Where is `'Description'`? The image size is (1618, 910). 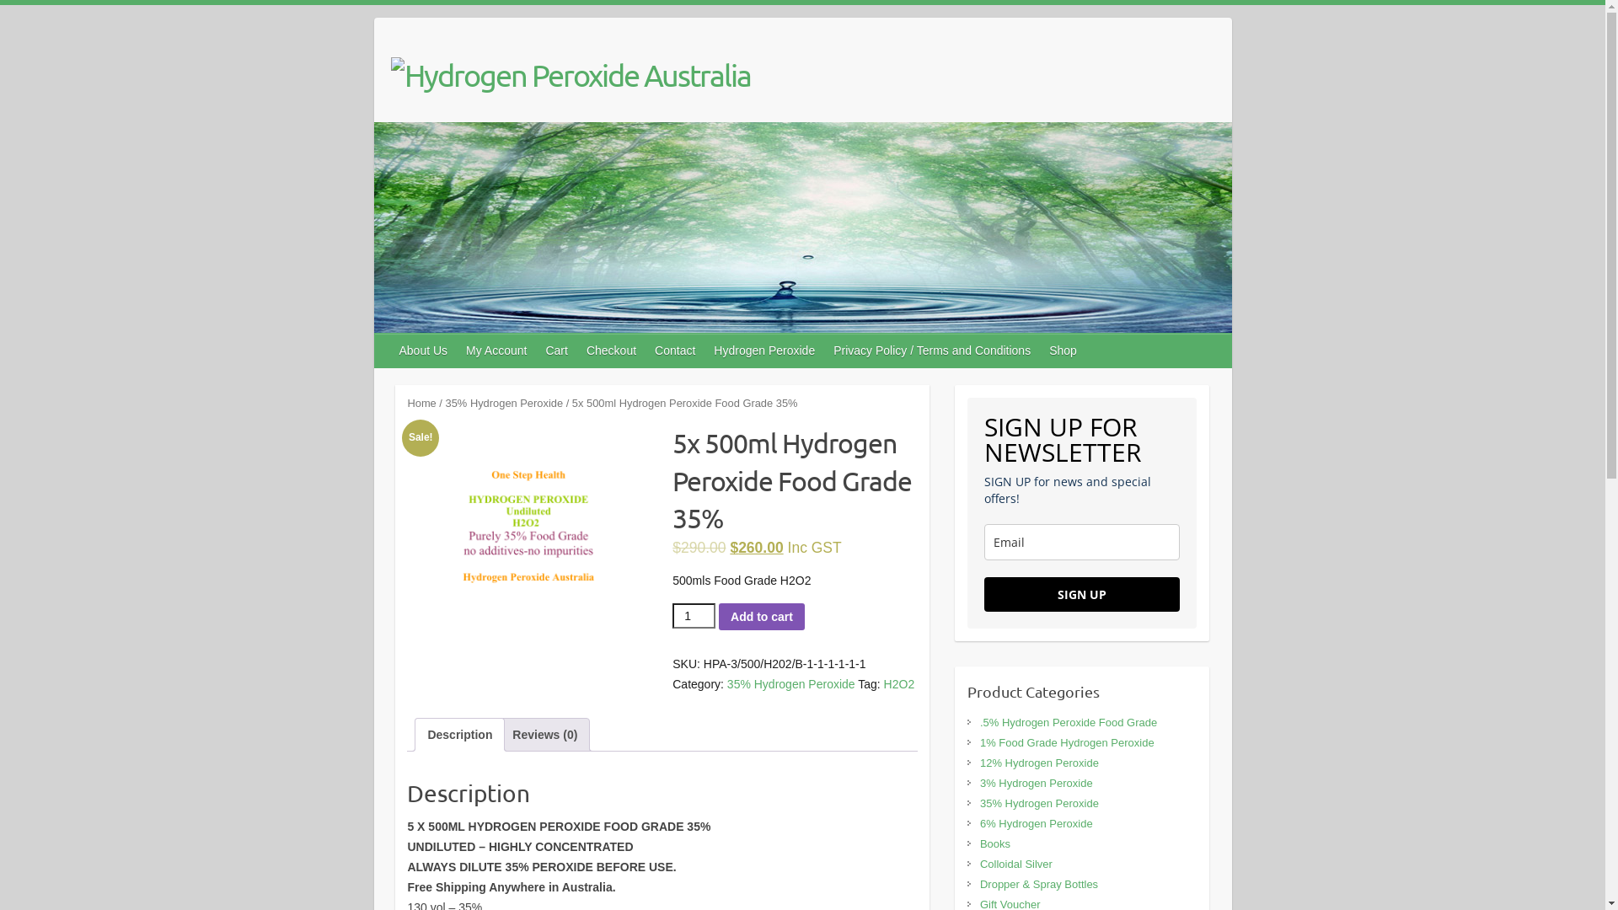 'Description' is located at coordinates (459, 733).